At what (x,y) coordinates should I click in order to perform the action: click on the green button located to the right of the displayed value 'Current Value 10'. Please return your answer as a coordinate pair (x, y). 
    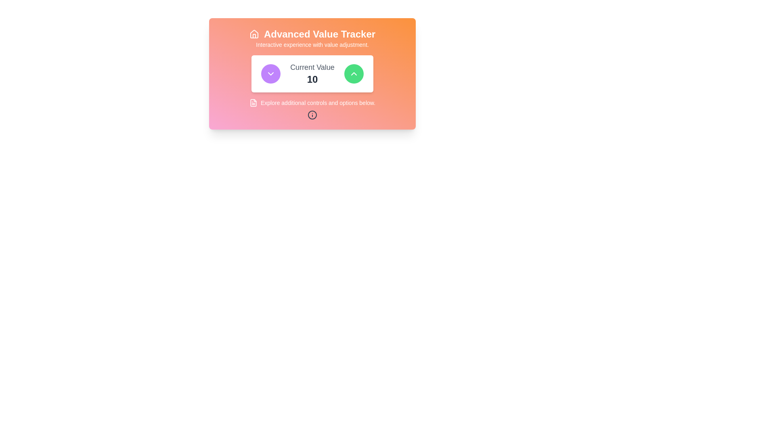
    Looking at the image, I should click on (354, 73).